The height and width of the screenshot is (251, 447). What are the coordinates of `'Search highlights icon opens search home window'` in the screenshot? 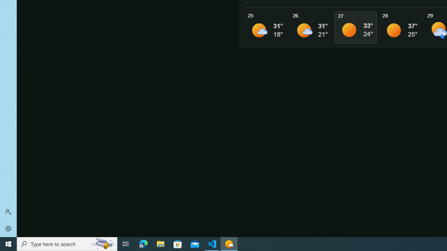 It's located at (103, 243).